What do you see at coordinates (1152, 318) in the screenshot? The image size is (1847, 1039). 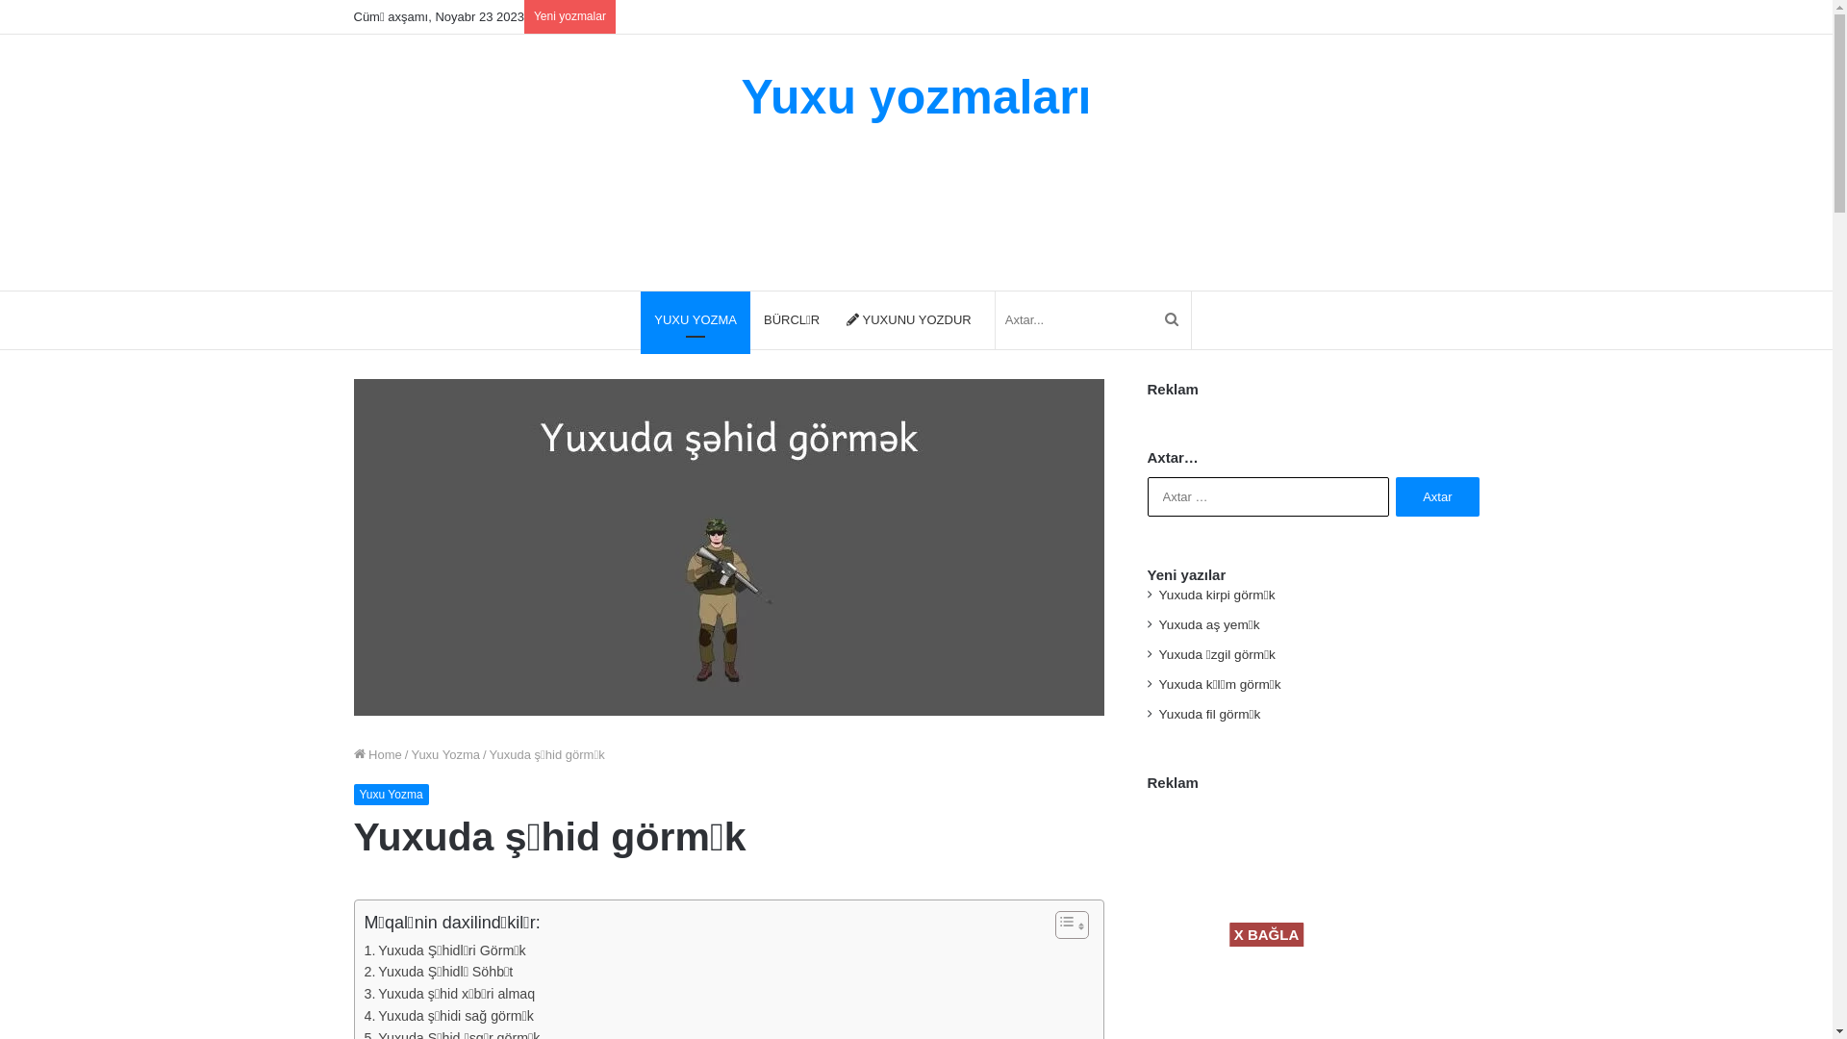 I see `'Axtar...'` at bounding box center [1152, 318].